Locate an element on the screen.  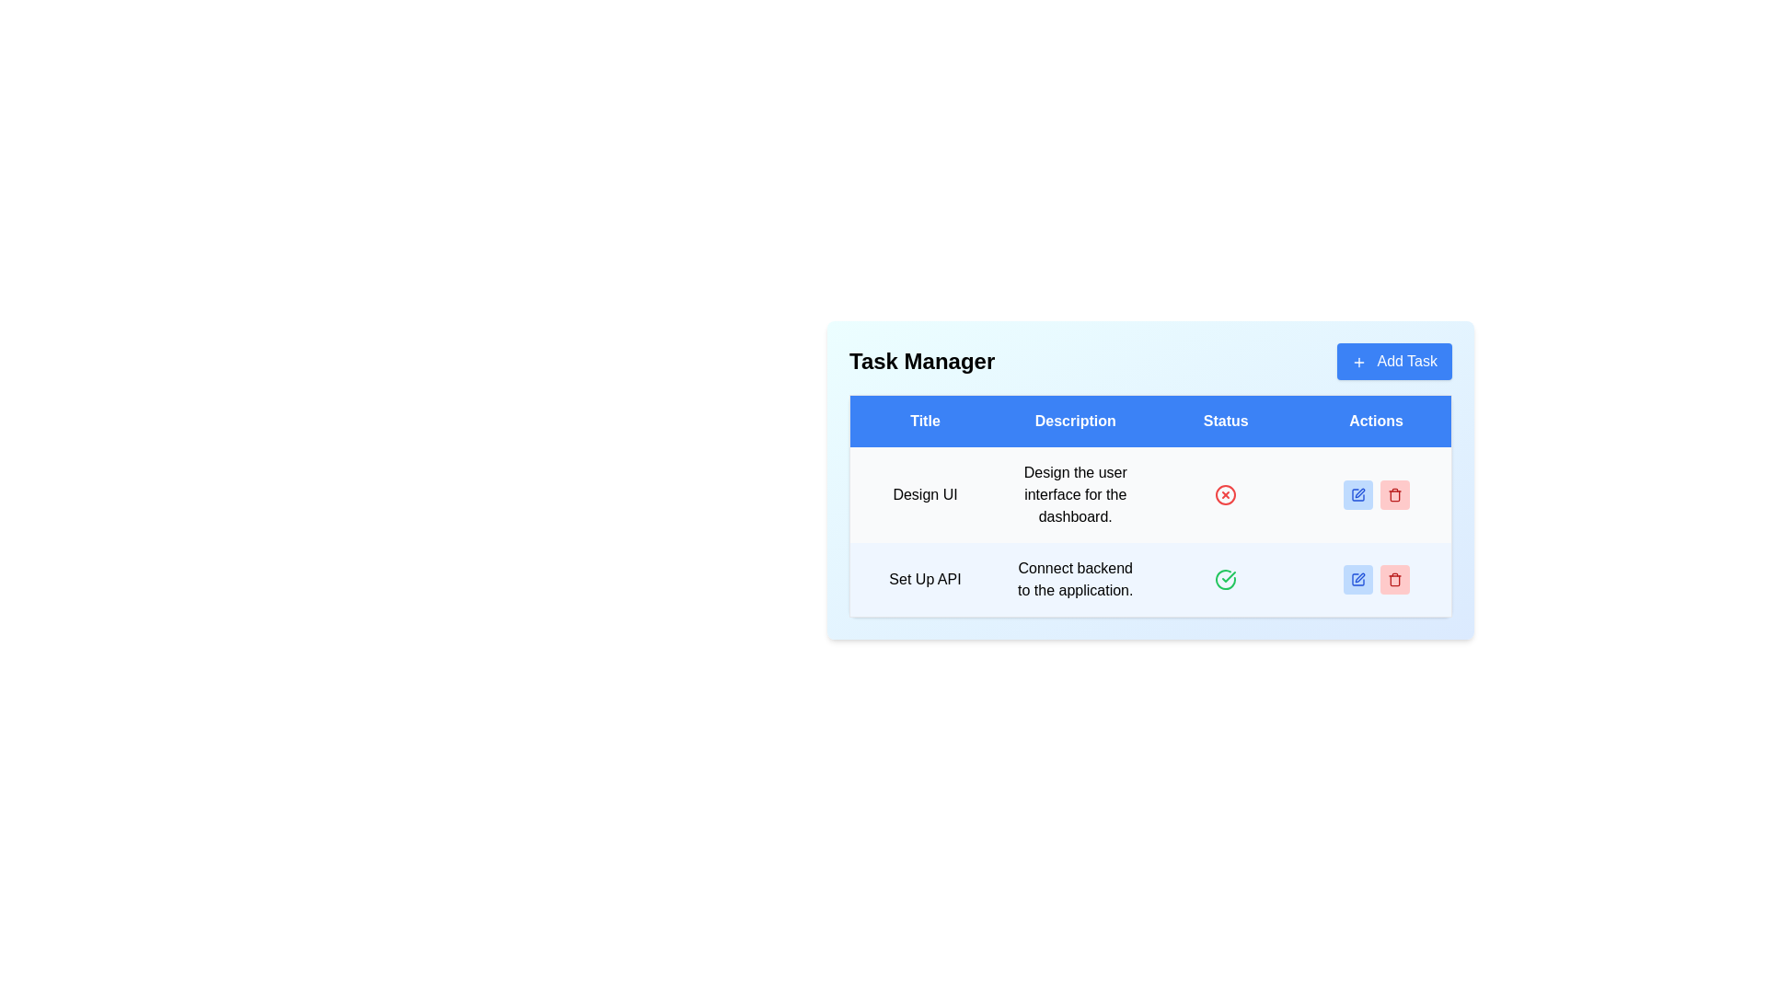
the edit icon in the Actions column of the second task row labeled 'Set Up API' is located at coordinates (1357, 578).